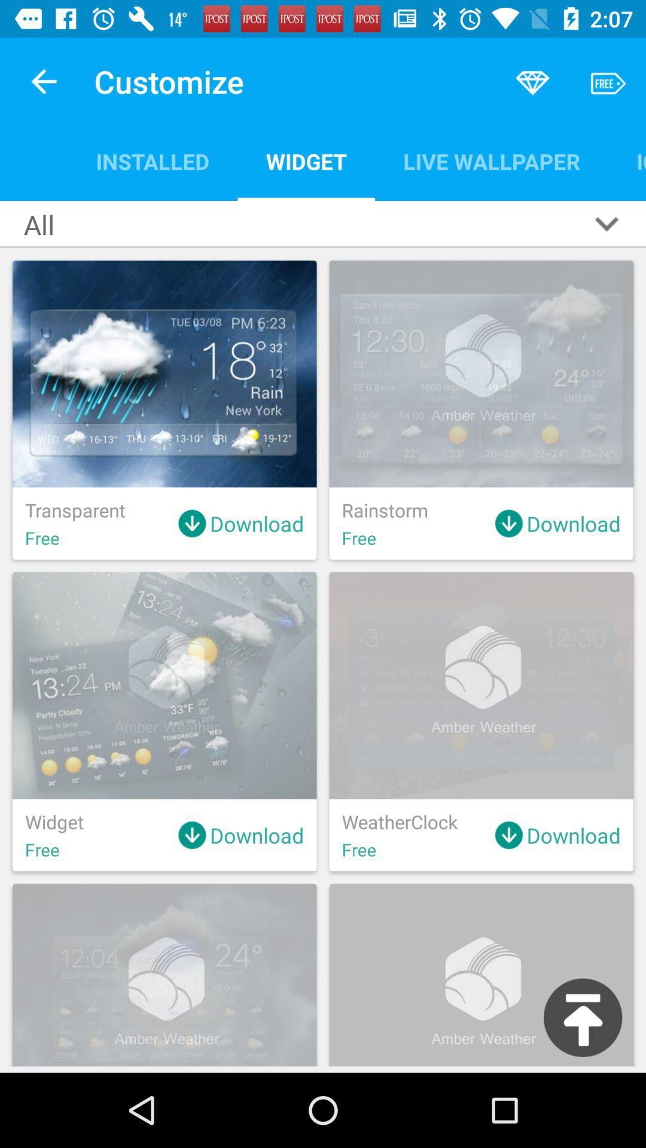 This screenshot has width=646, height=1148. Describe the element at coordinates (491, 161) in the screenshot. I see `the icon to the right of the widget icon` at that location.